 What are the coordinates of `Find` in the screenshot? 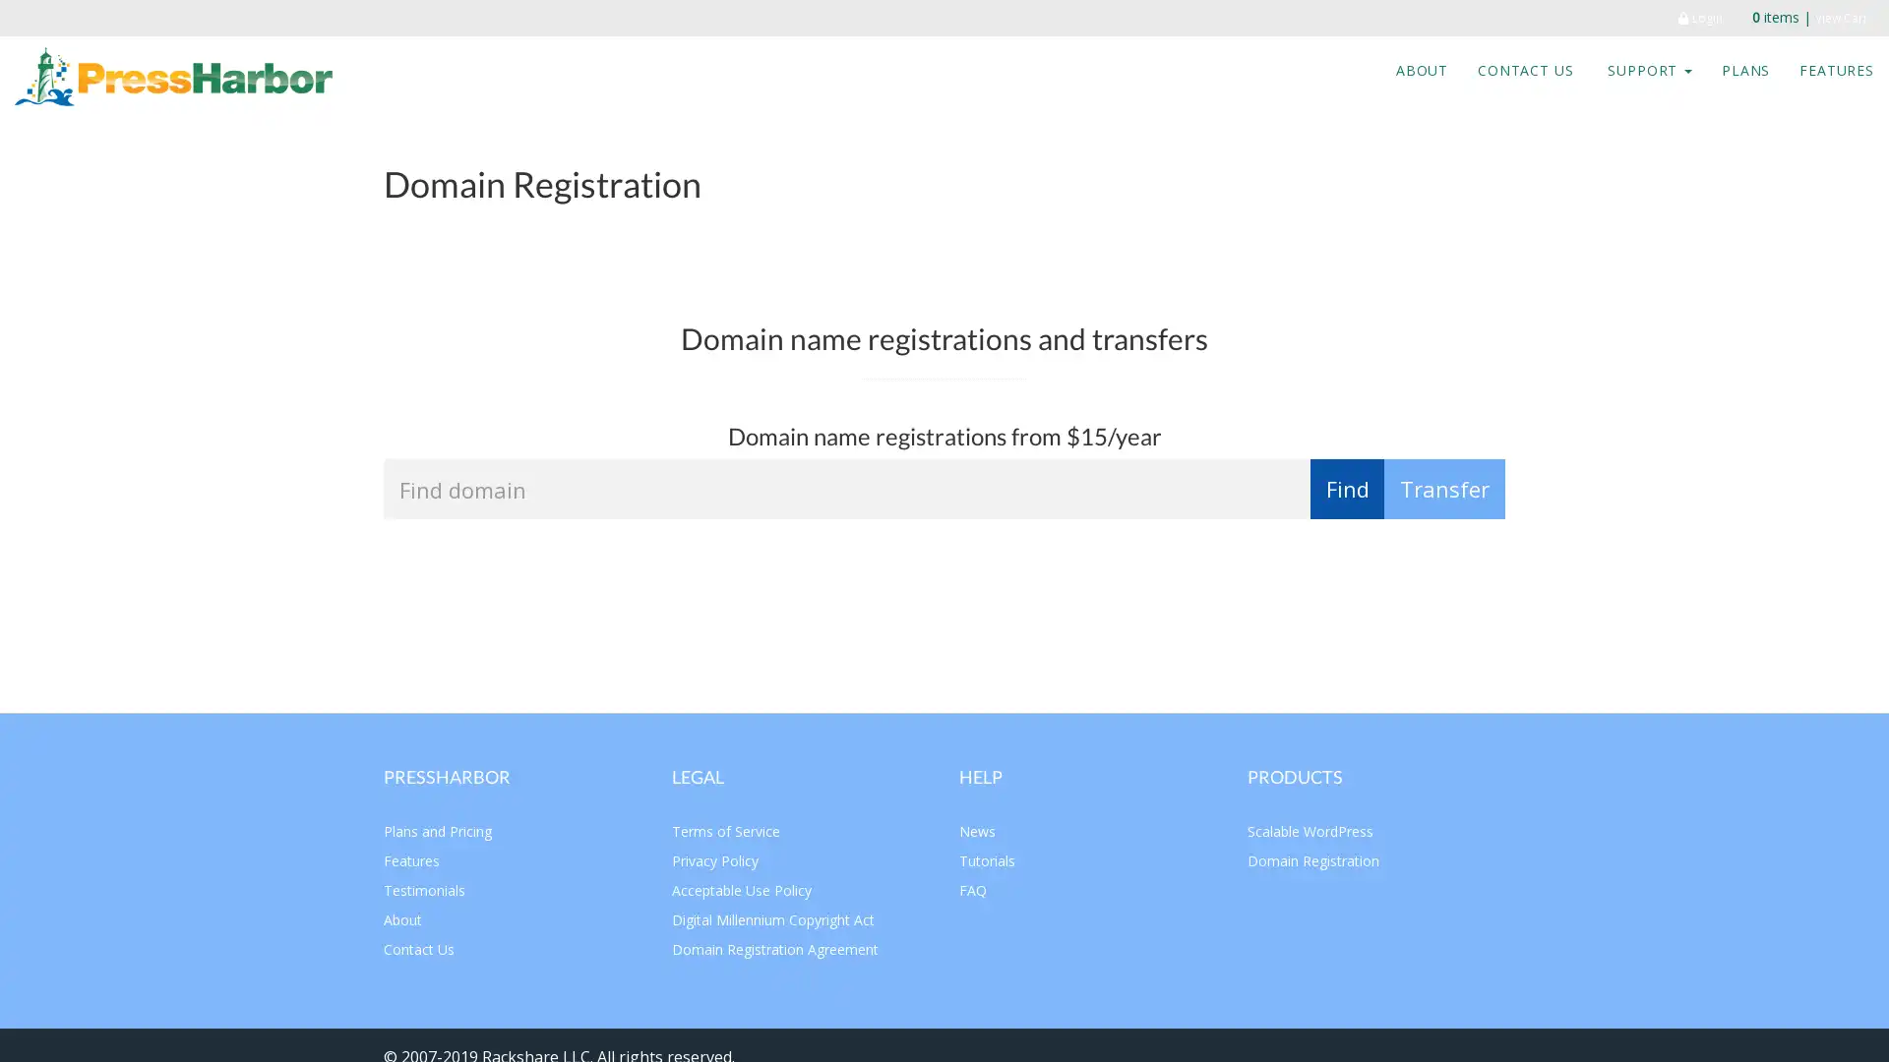 It's located at (1346, 488).